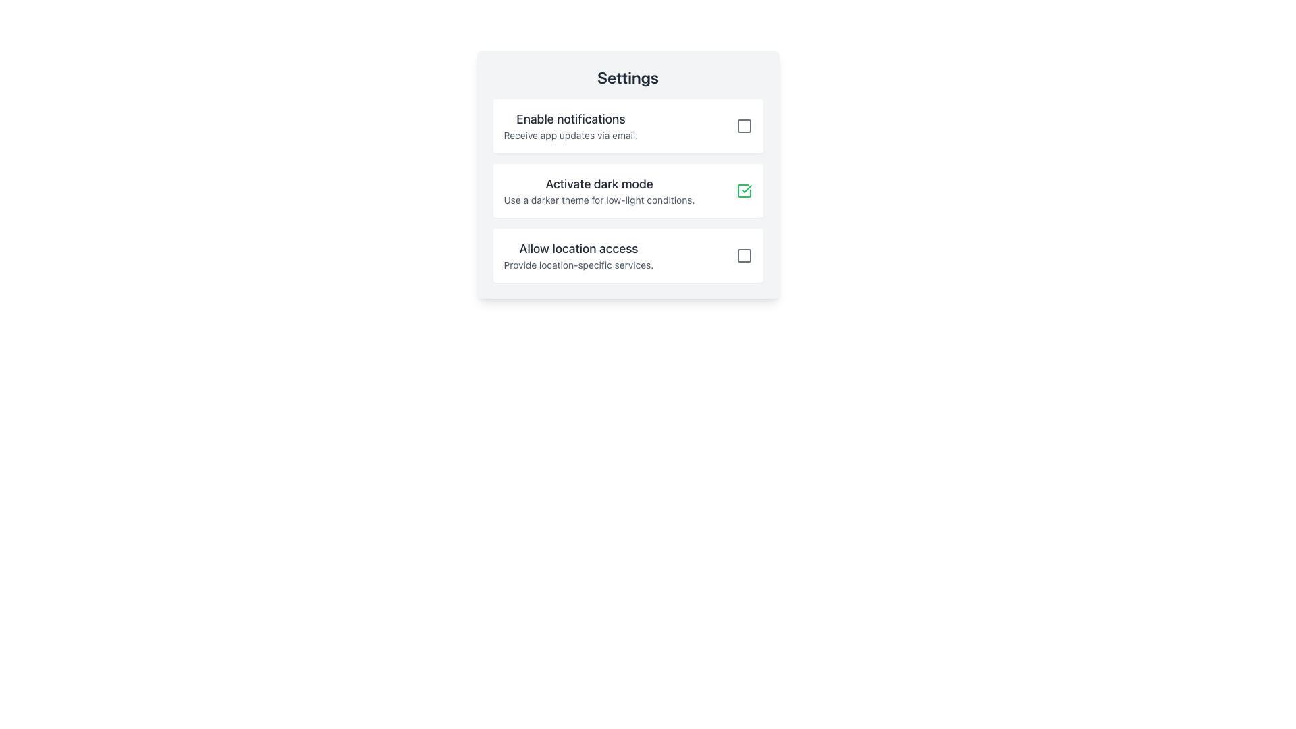  Describe the element at coordinates (570, 135) in the screenshot. I see `the static text label that describes the functionality of the 'Enable notifications' feature, located beneath the main option in the uppermost section of the vertical list layout` at that location.